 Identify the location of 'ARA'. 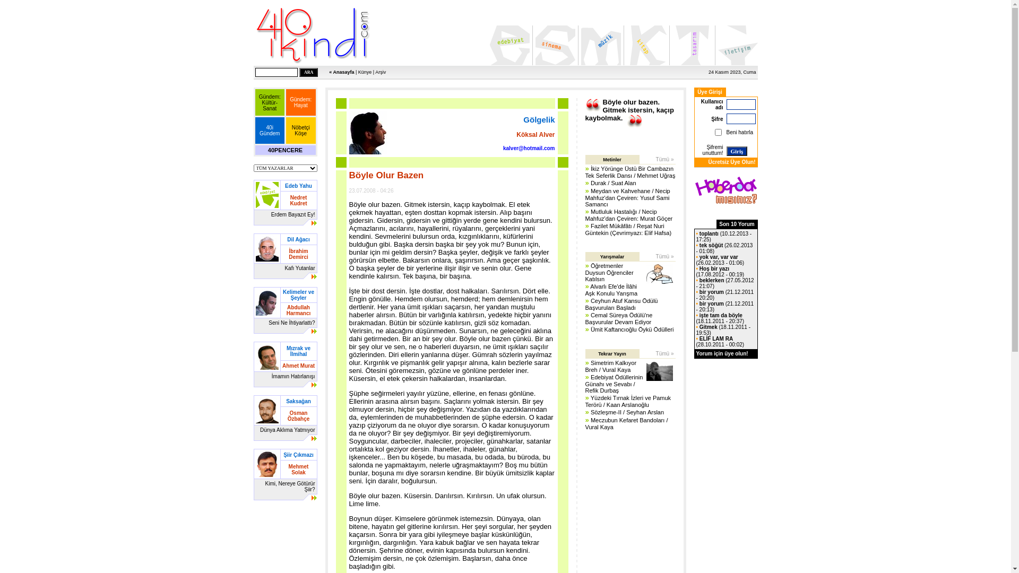
(308, 72).